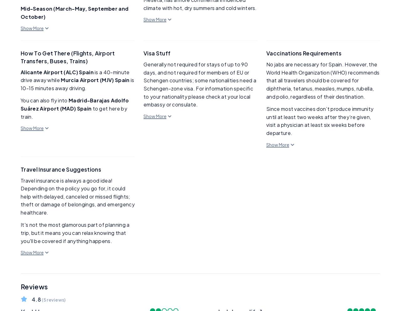  I want to click on '(5 reviews)', so click(40, 299).